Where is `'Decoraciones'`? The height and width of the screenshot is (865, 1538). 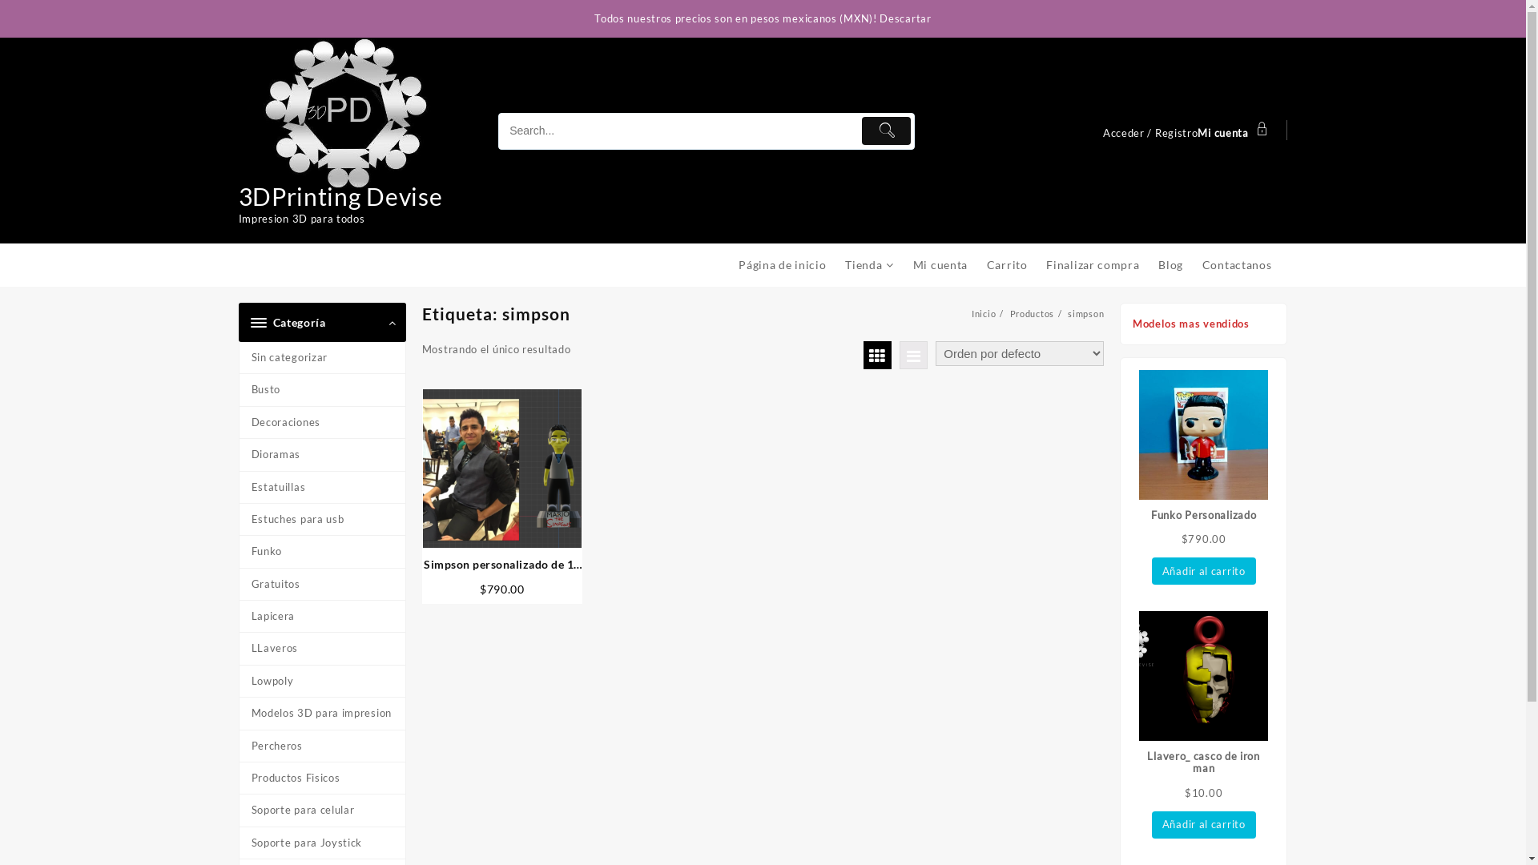
'Decoraciones' is located at coordinates (321, 422).